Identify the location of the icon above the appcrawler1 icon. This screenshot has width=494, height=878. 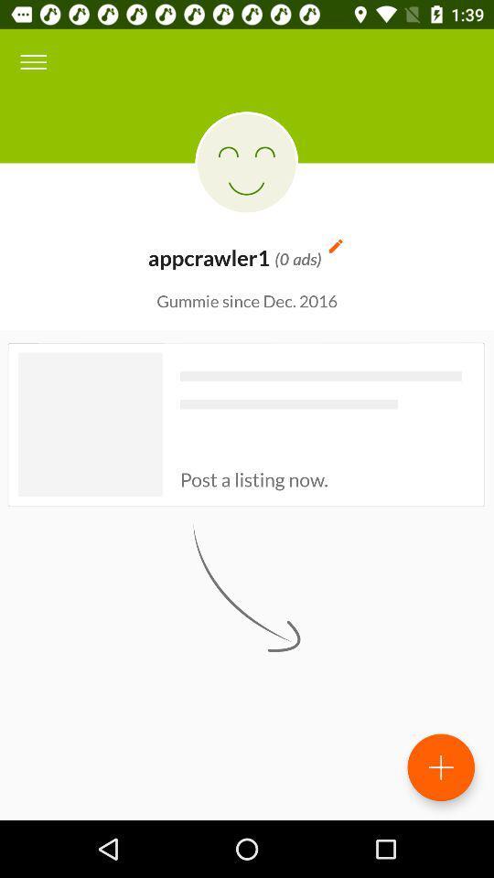
(246, 162).